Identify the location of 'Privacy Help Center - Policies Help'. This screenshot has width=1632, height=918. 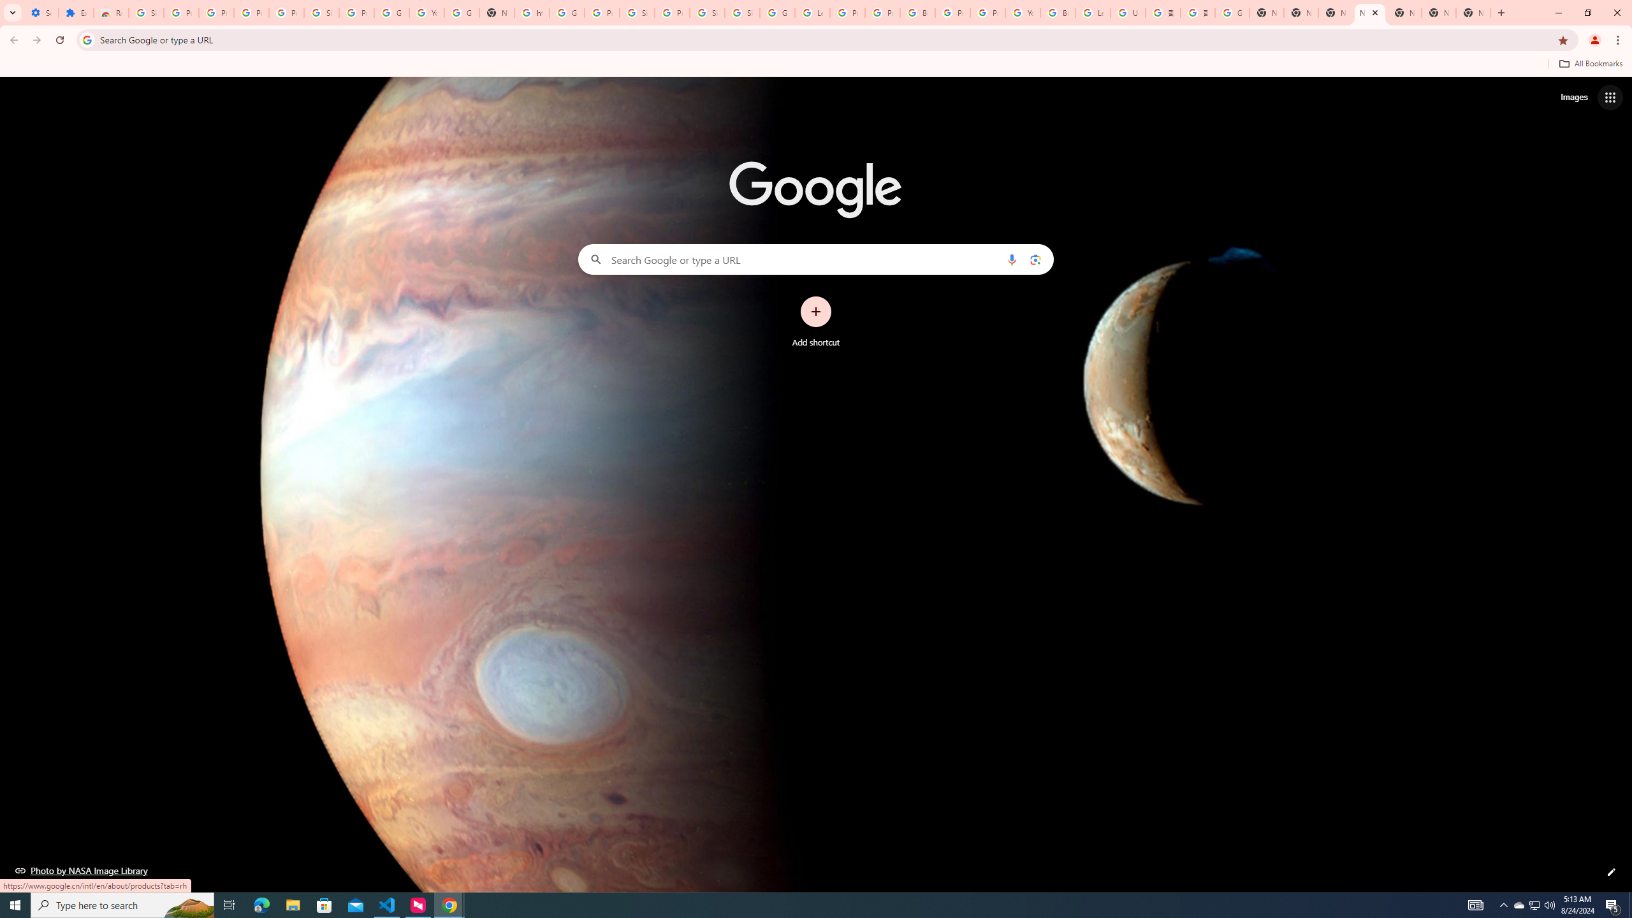
(882, 12).